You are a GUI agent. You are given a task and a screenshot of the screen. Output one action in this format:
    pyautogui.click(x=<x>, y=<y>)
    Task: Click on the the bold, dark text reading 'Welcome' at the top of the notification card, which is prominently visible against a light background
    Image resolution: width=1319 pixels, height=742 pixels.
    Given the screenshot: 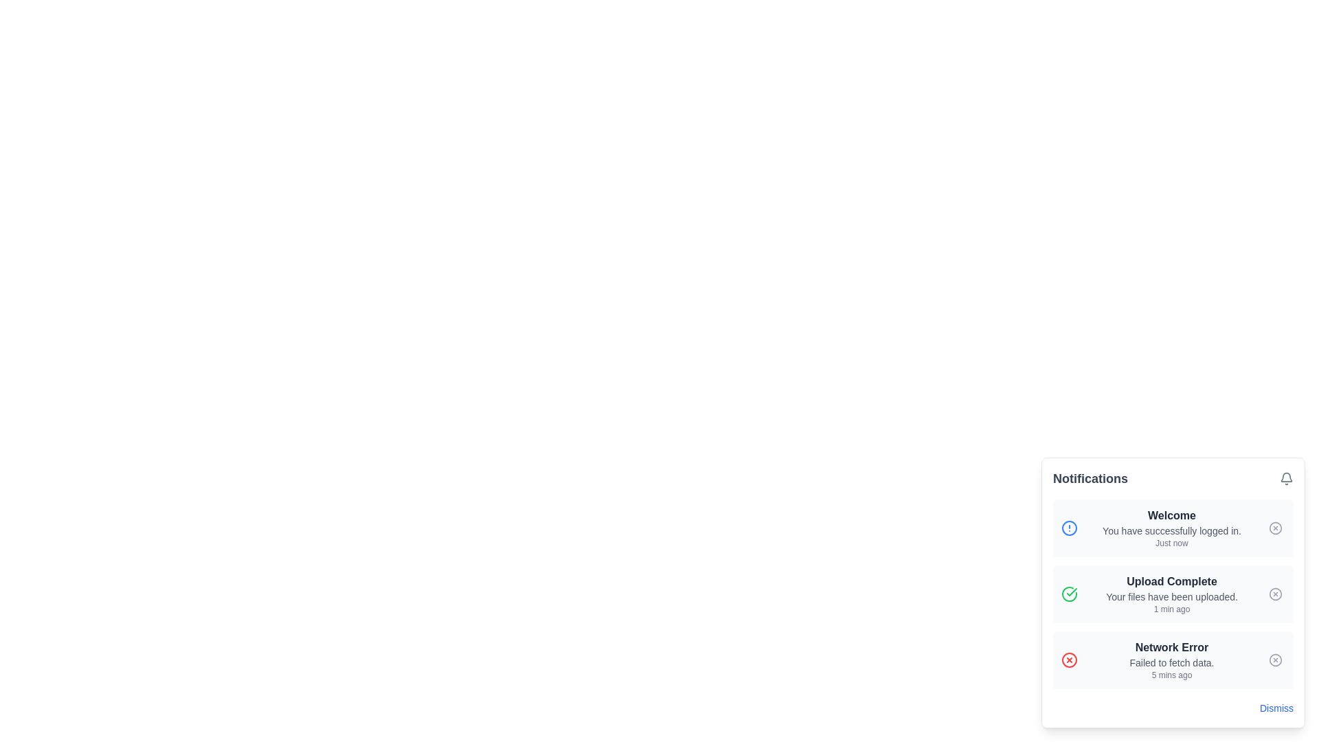 What is the action you would take?
    pyautogui.click(x=1171, y=516)
    